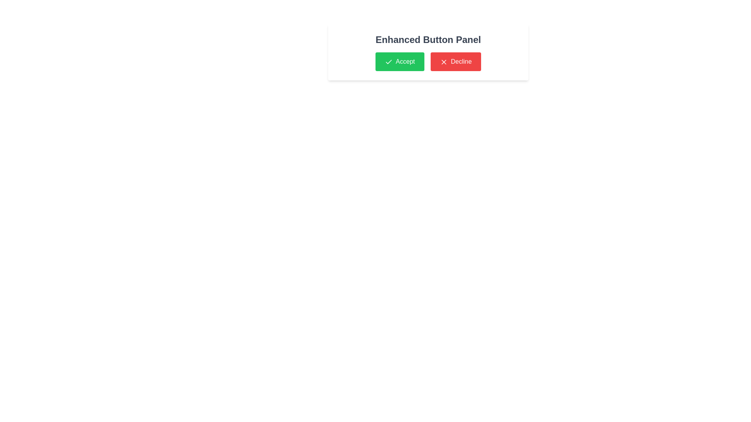 Image resolution: width=751 pixels, height=422 pixels. What do you see at coordinates (400, 61) in the screenshot?
I see `the leftmost button in the horizontal row that is used to accept an action or agreement, triggering the accept action` at bounding box center [400, 61].